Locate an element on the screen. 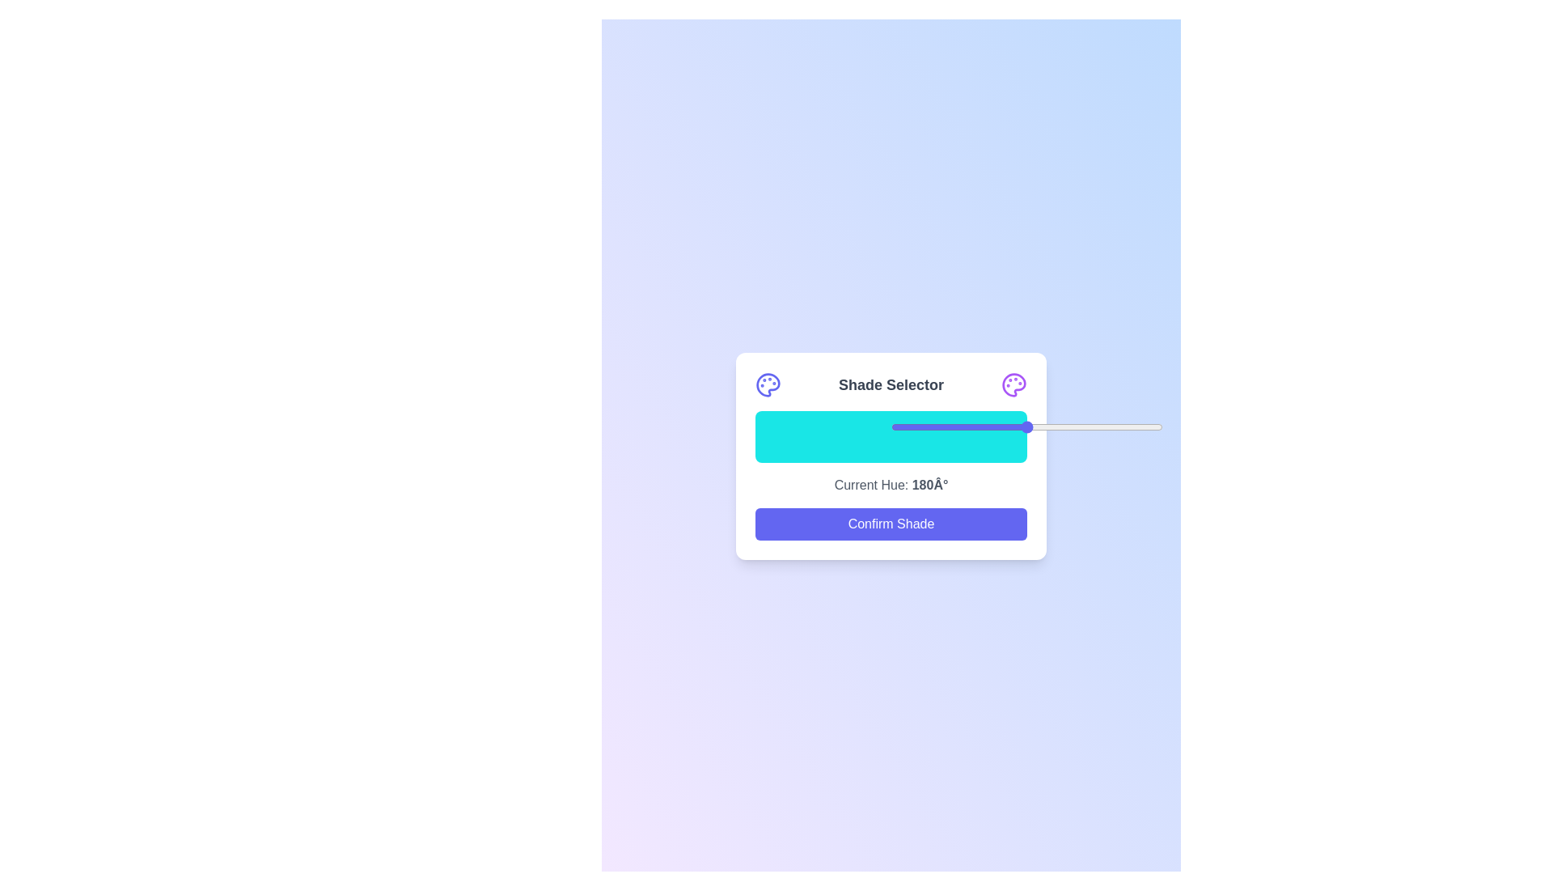 The height and width of the screenshot is (874, 1553). the shade slider to 75 to observe the corresponding color is located at coordinates (958, 437).